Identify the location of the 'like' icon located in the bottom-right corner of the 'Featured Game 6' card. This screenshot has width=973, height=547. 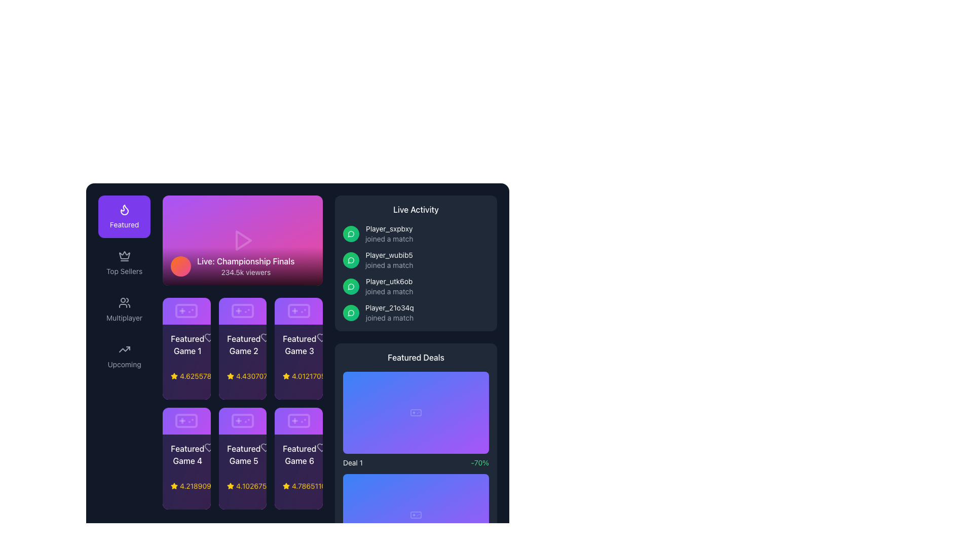
(321, 447).